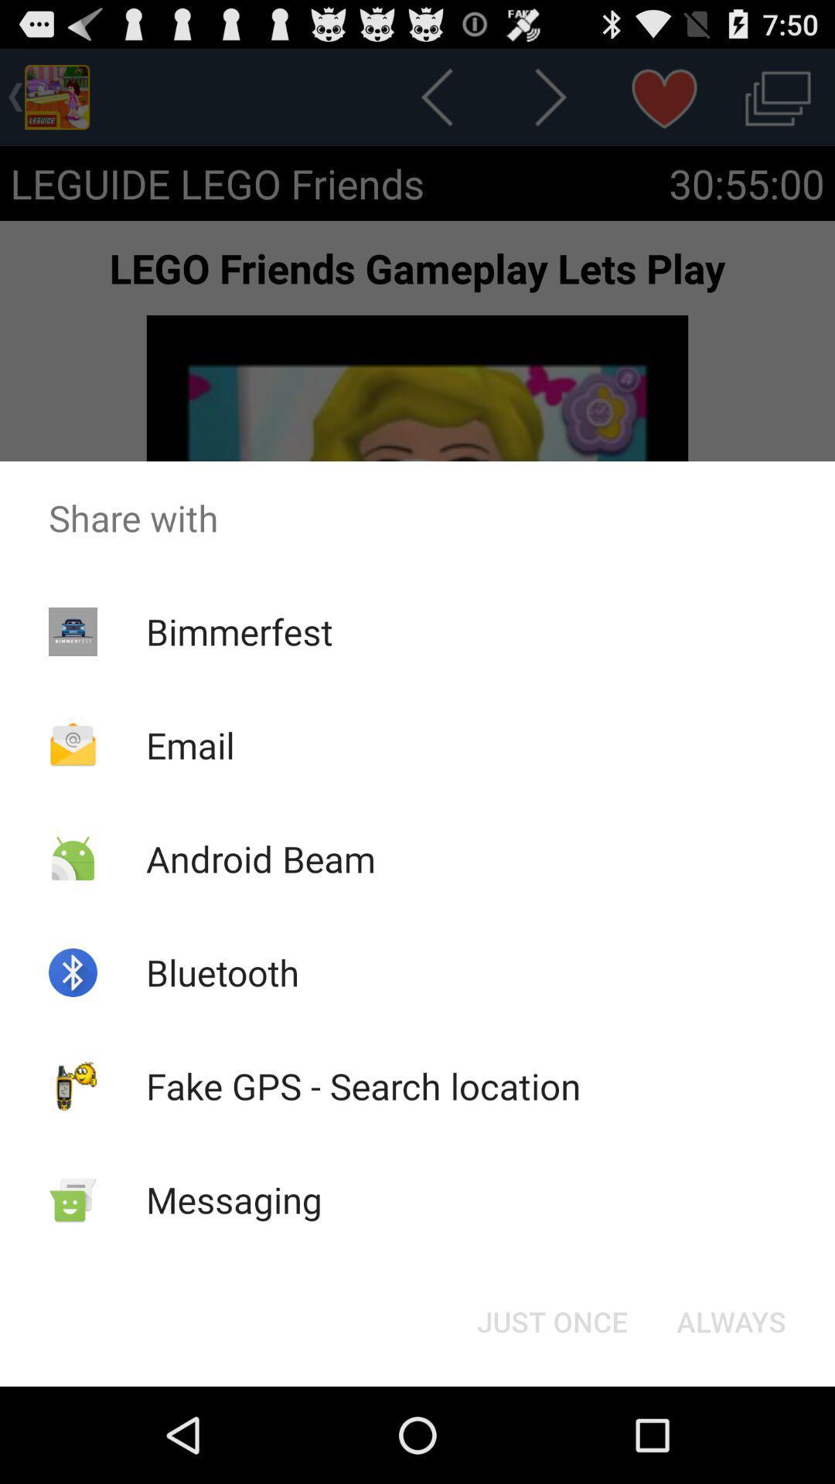  Describe the element at coordinates (731, 1320) in the screenshot. I see `icon to the right of just once` at that location.